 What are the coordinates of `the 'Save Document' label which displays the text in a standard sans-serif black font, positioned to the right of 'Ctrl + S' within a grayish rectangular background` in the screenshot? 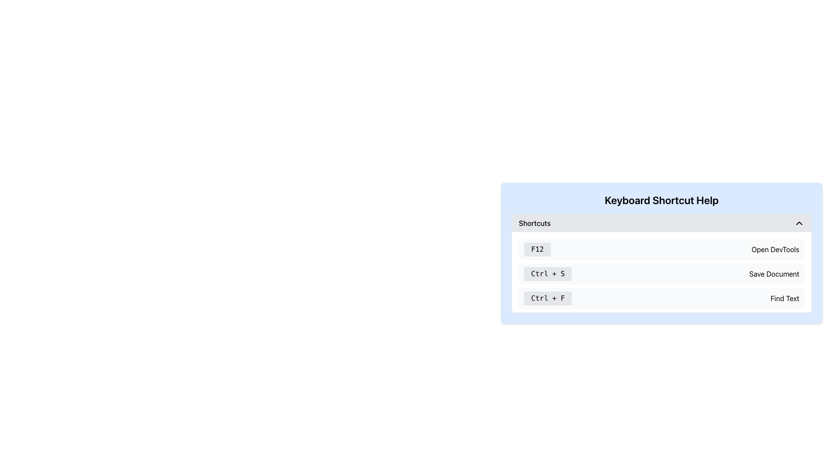 It's located at (774, 274).